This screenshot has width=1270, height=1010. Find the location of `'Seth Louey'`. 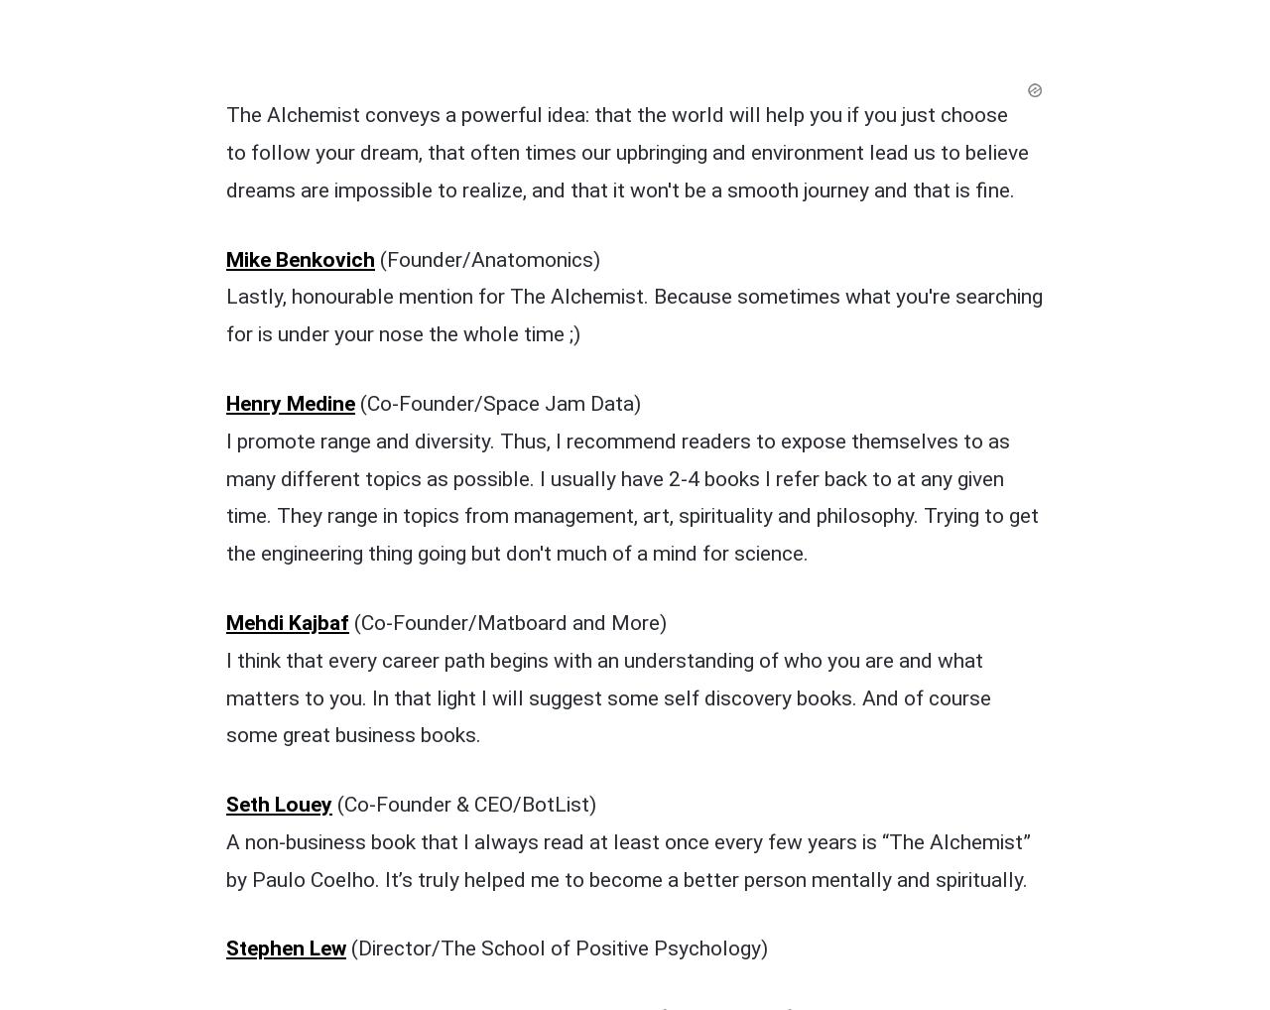

'Seth Louey' is located at coordinates (225, 393).